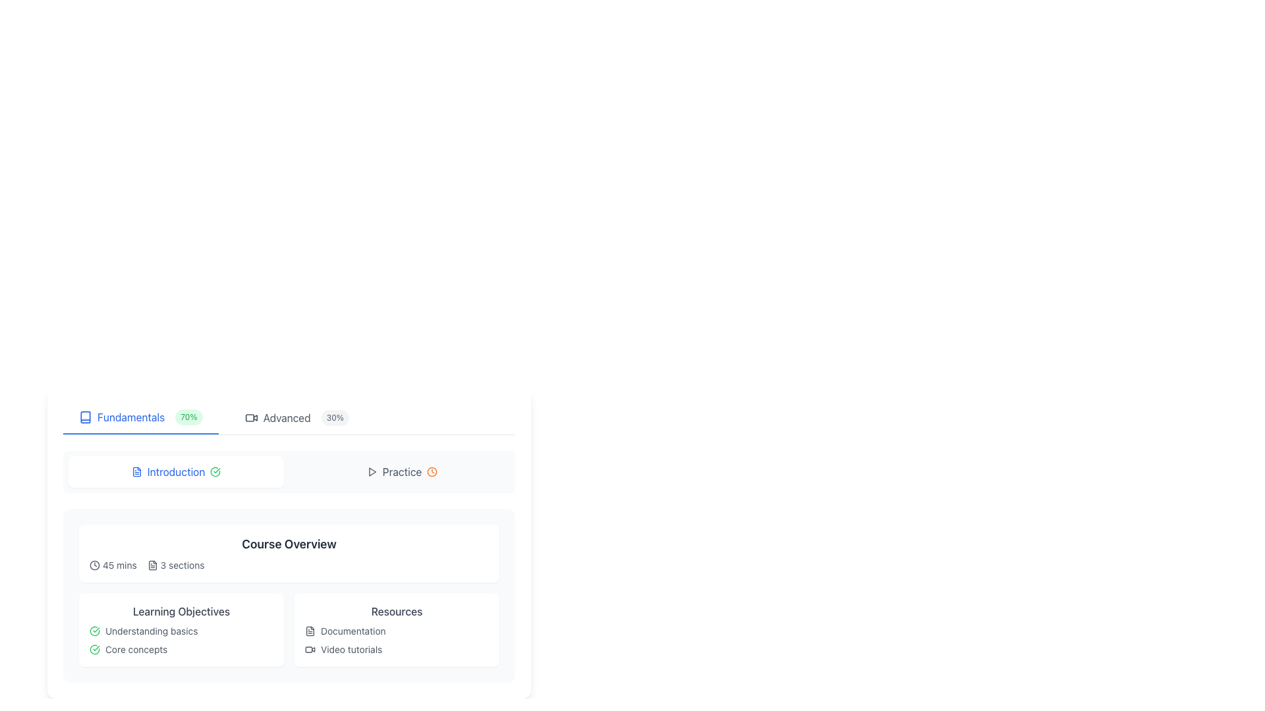 The image size is (1265, 711). Describe the element at coordinates (251, 418) in the screenshot. I see `the gray video camera icon, which is part of the 'Advanced' button in the navigation bar under the title section` at that location.